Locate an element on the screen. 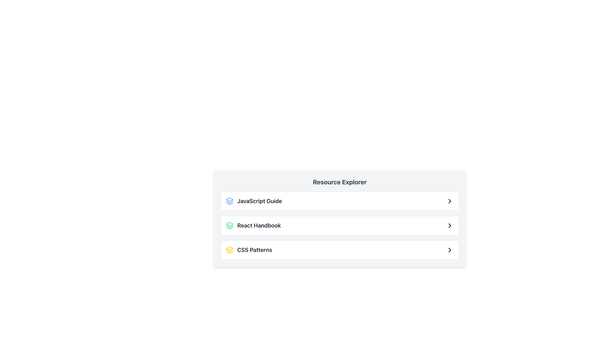 Image resolution: width=601 pixels, height=338 pixels. the third list item labeled 'CSS Patterns,' which features a yellow stack of layers icon to the left of the bold dark-gray text is located at coordinates (249, 249).